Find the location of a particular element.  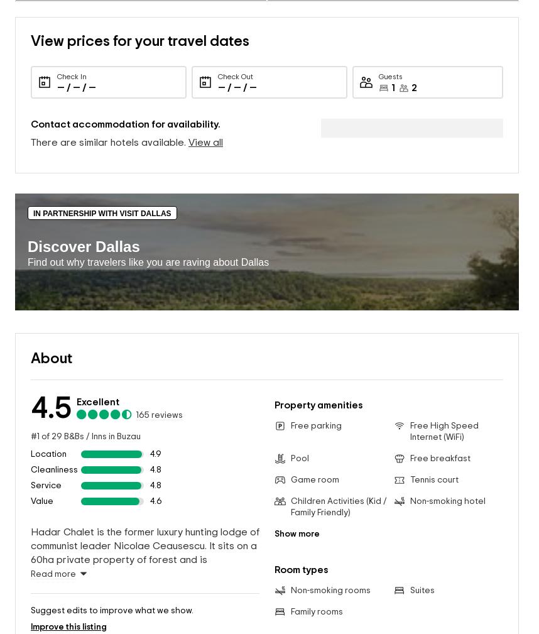

'Excellent' is located at coordinates (97, 382).